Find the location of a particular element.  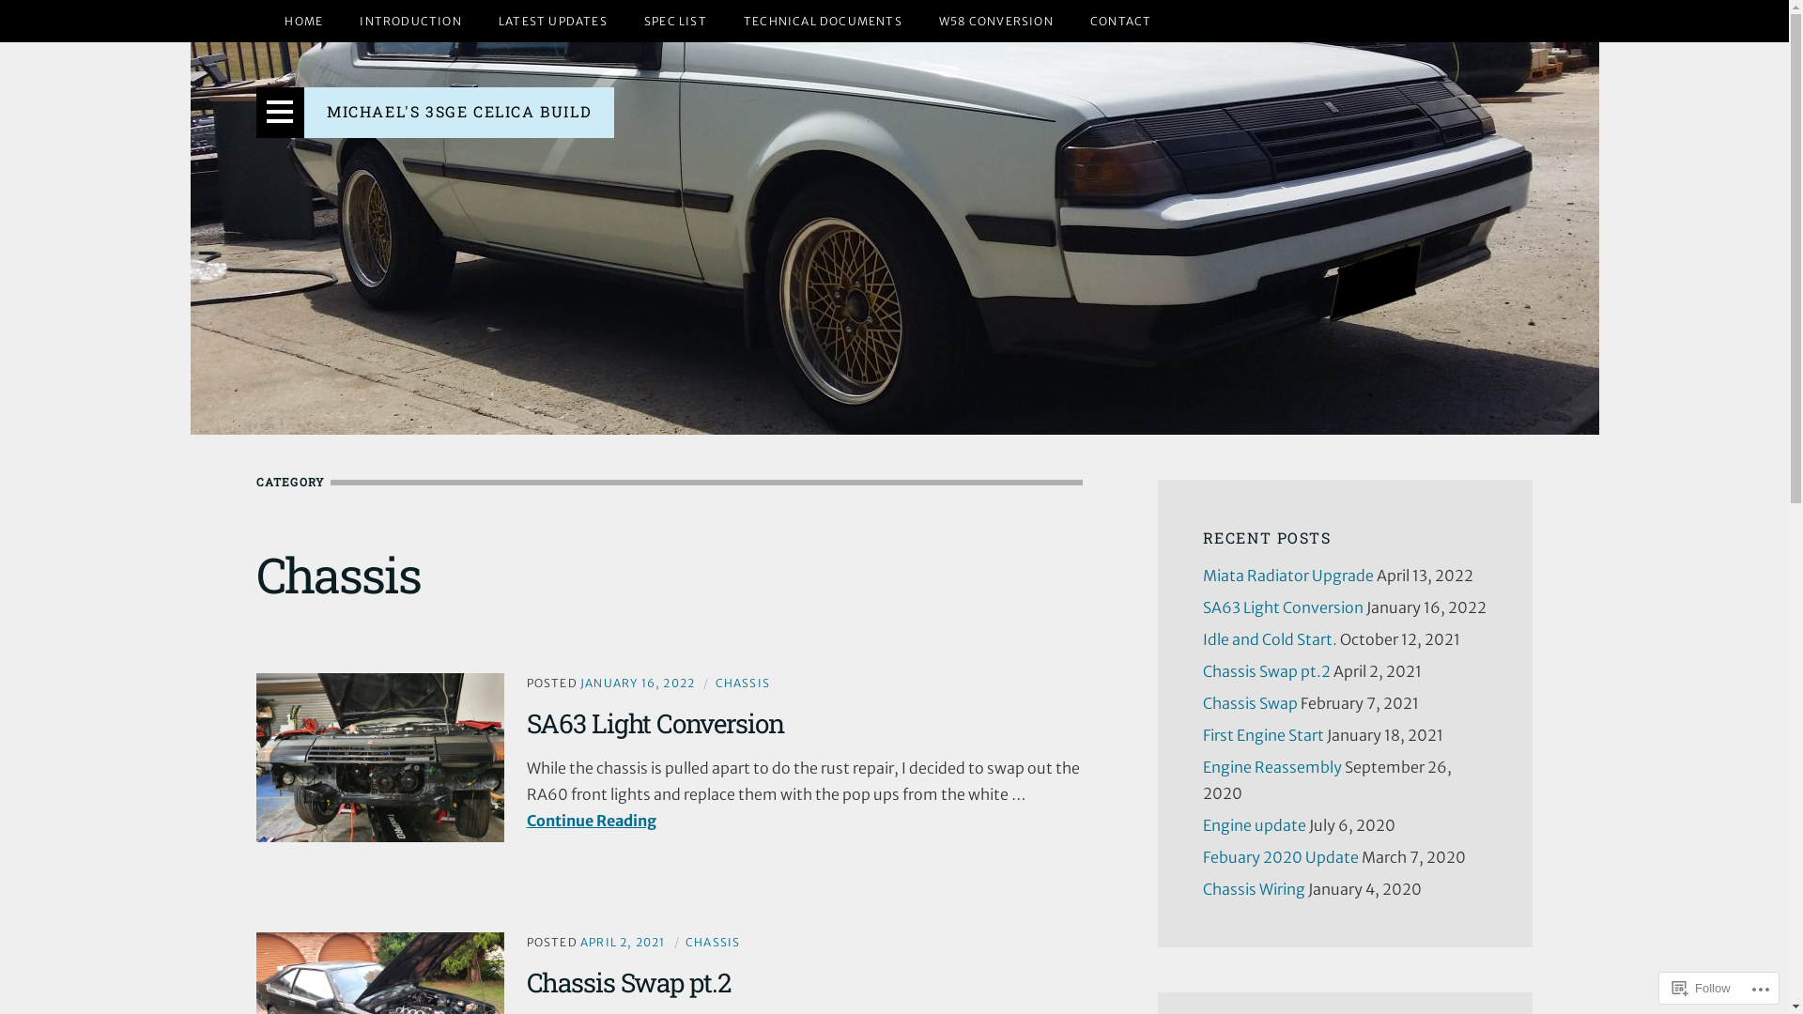

'Engine update' is located at coordinates (1253, 824).